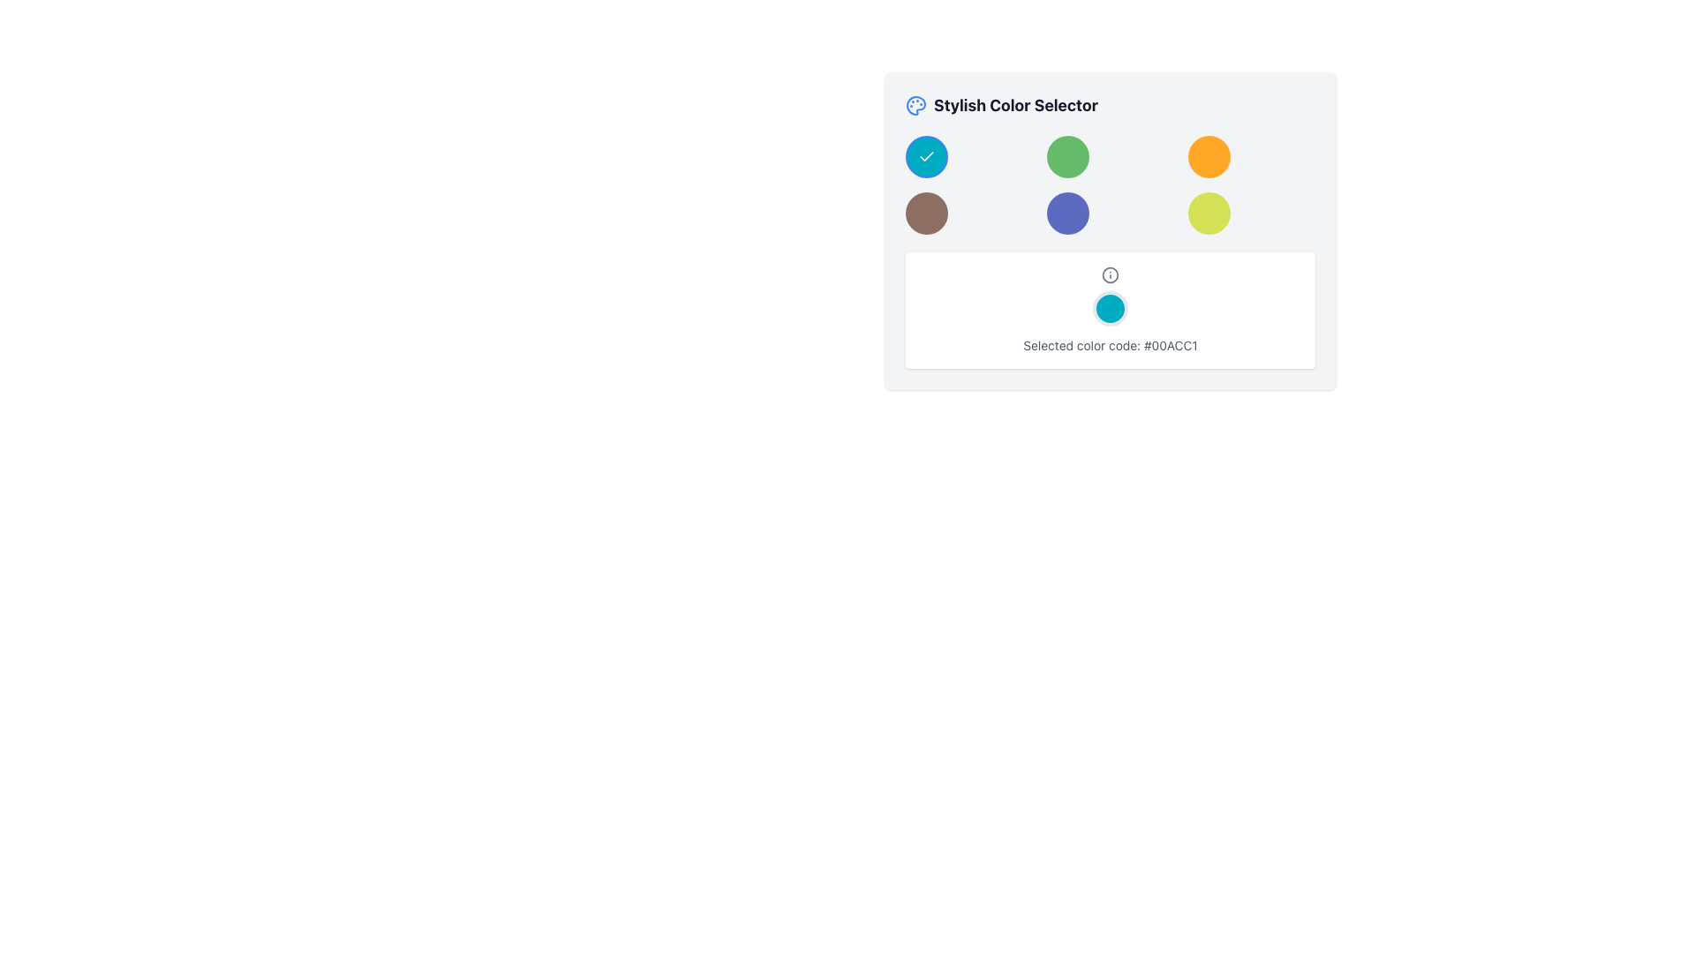 The image size is (1695, 953). I want to click on the SVG checkmark icon with a turquoise-blue background located in the leftmost circle of the second row in the color selection grid, so click(926, 155).